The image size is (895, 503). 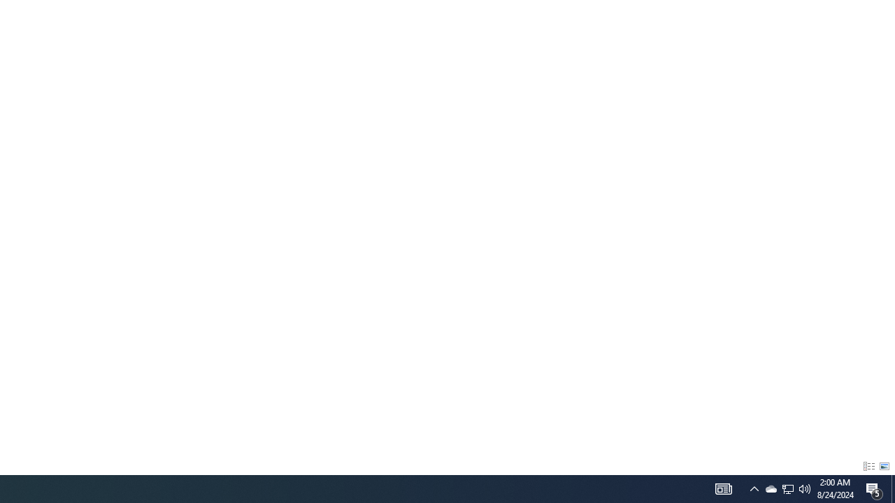 What do you see at coordinates (868, 467) in the screenshot?
I see `'Details'` at bounding box center [868, 467].